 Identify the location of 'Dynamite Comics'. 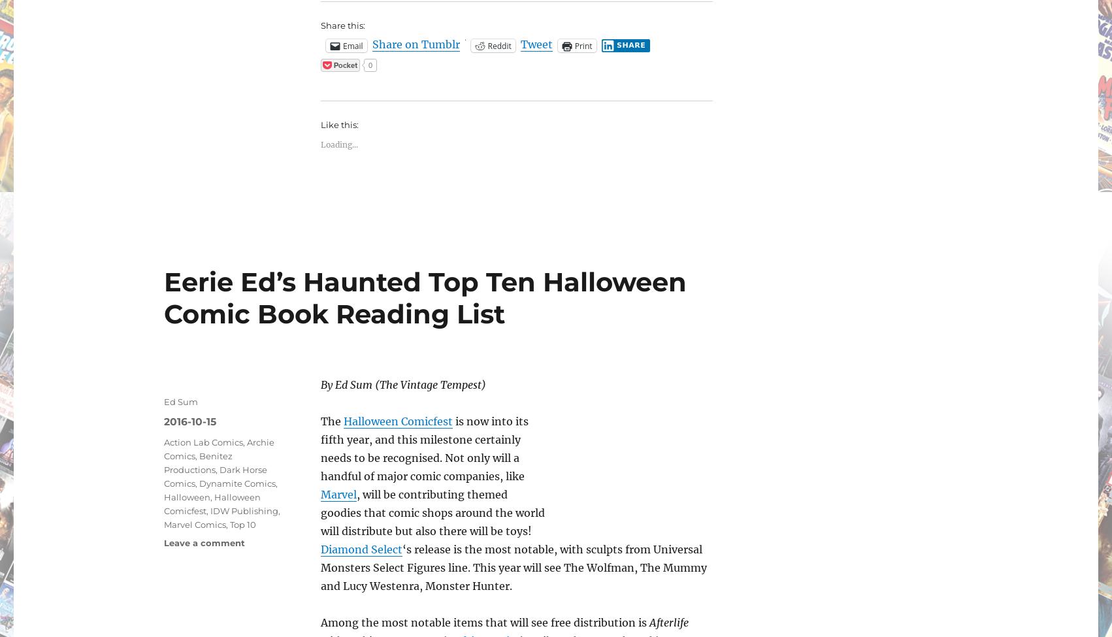
(237, 482).